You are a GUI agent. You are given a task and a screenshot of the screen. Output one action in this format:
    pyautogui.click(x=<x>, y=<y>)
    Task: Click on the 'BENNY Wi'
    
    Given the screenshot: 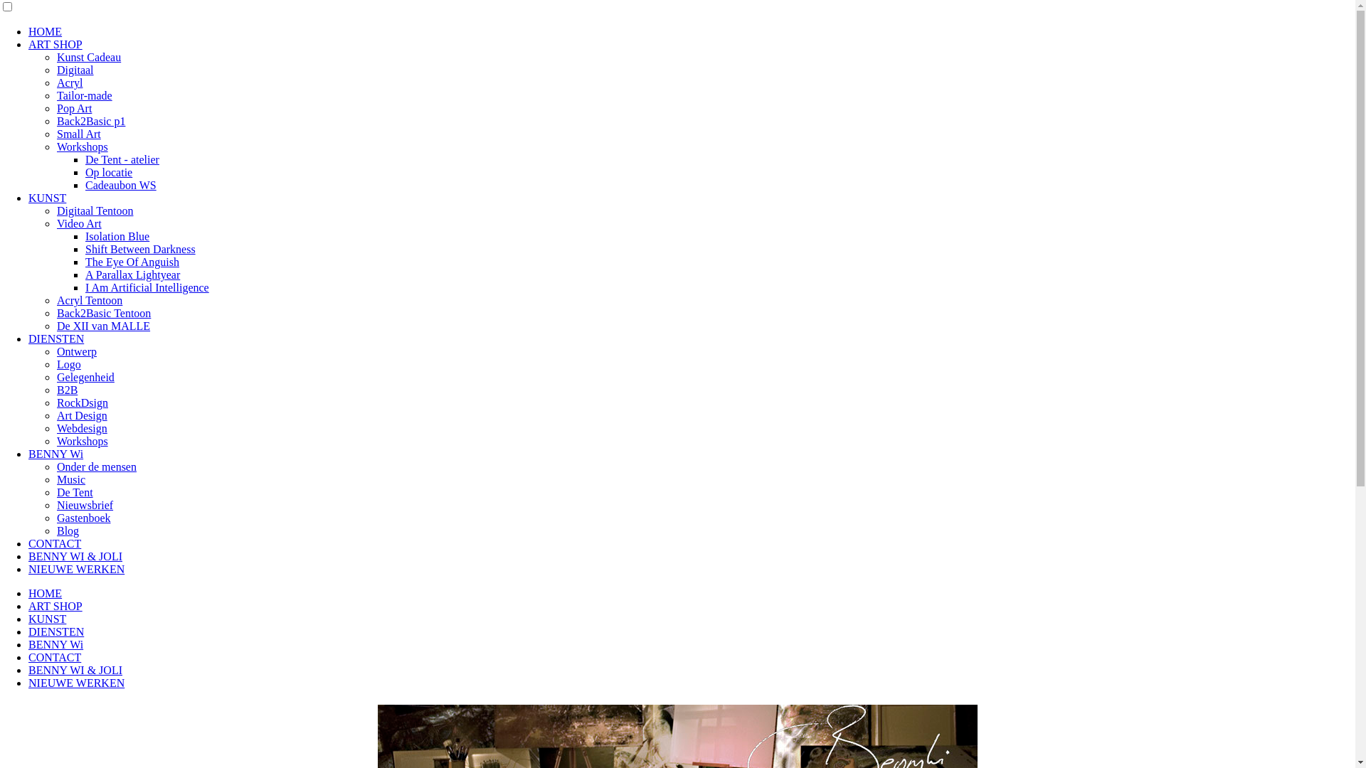 What is the action you would take?
    pyautogui.click(x=55, y=454)
    